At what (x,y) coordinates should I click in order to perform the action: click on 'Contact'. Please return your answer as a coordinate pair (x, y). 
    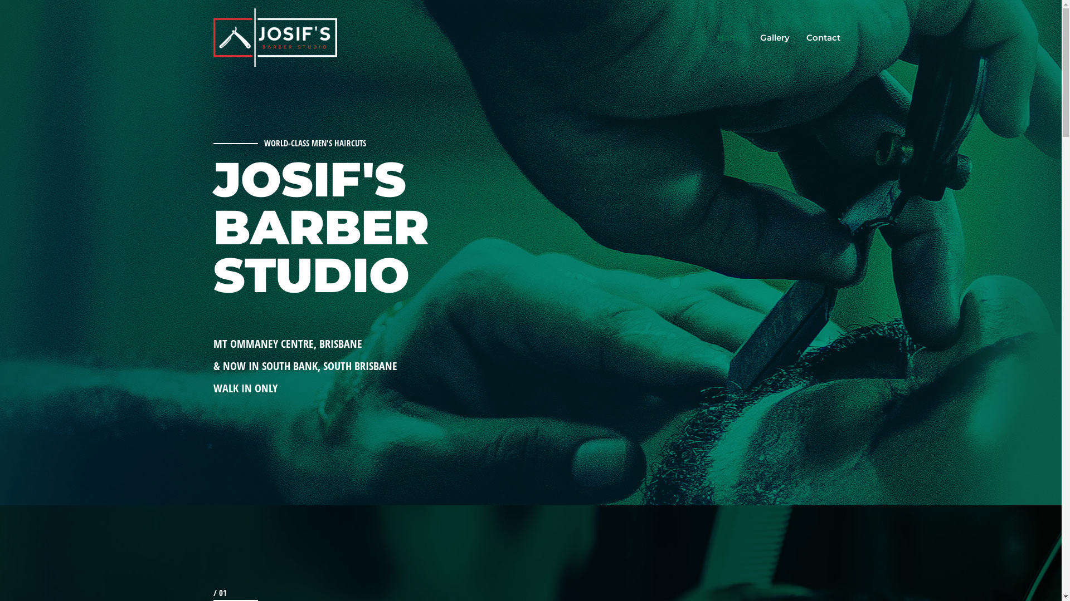
    Looking at the image, I should click on (823, 37).